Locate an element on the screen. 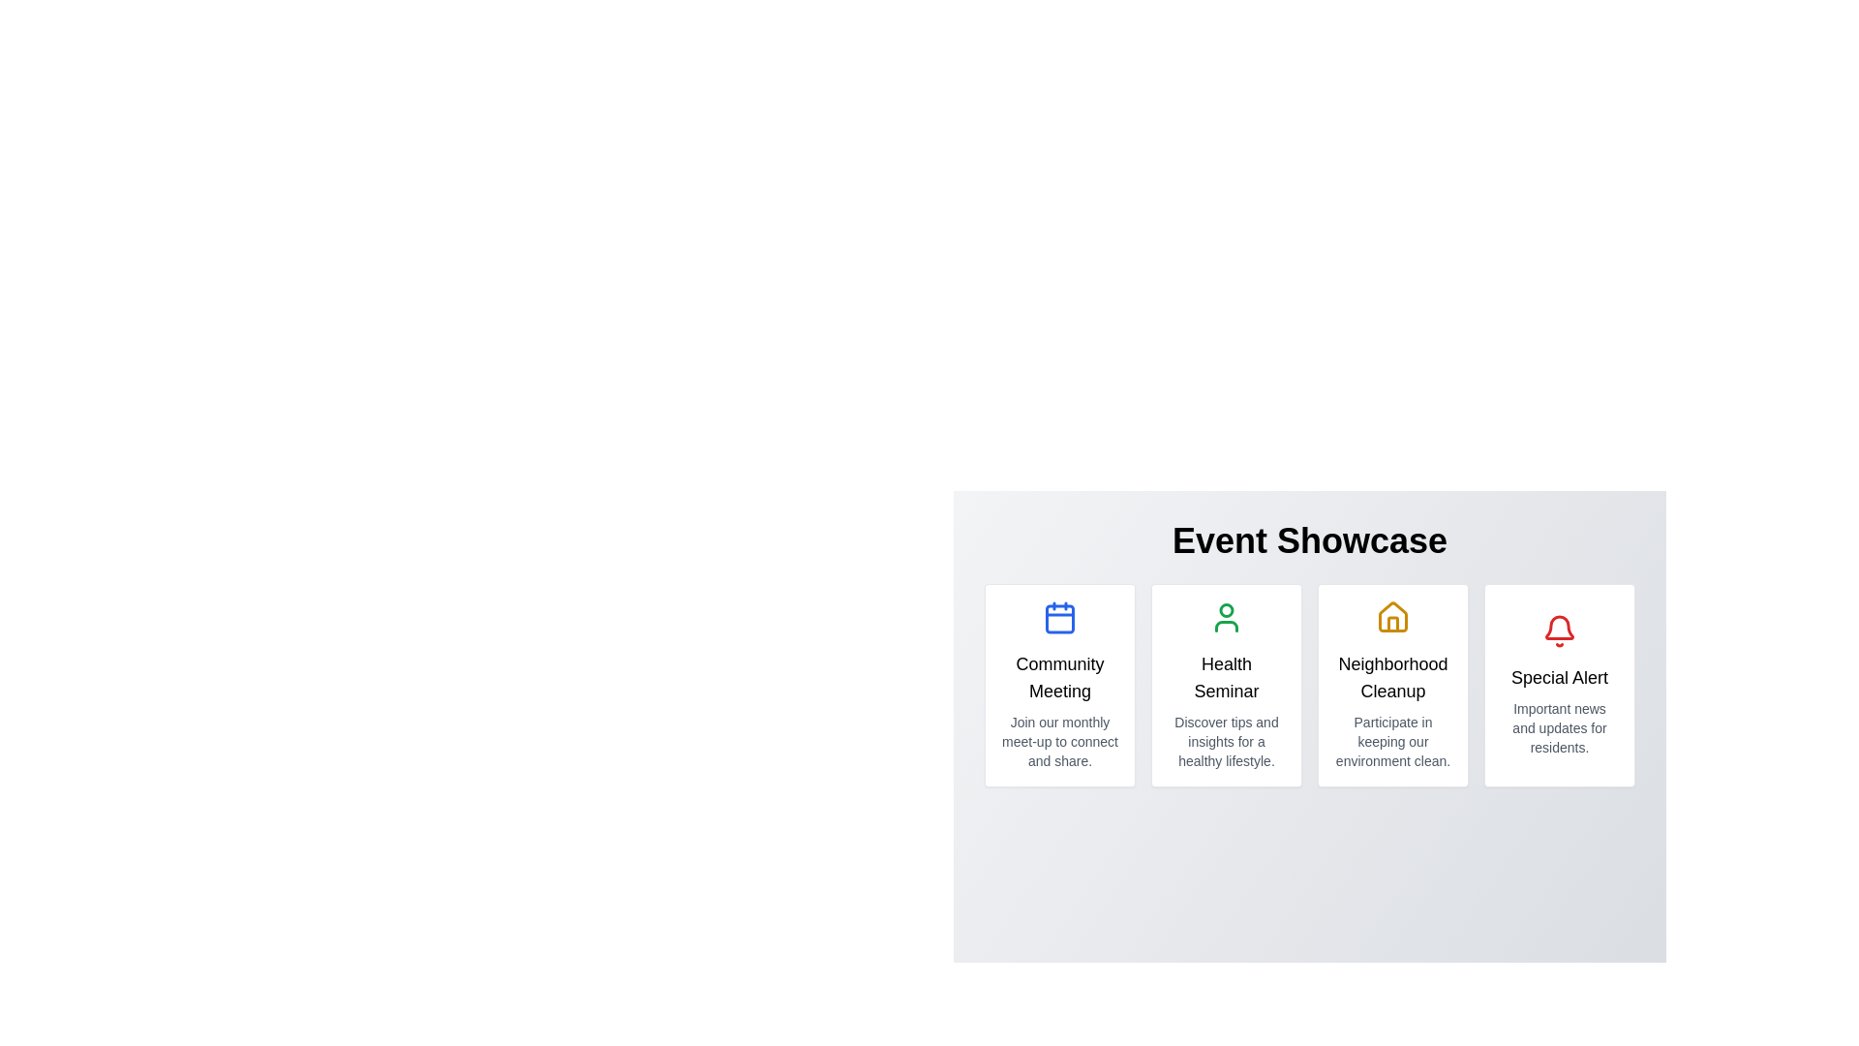 The width and height of the screenshot is (1859, 1046). the vertical rectangle with curved edges that resembles a door or passage, which is part of the yellow house icon in the 'Event Showcase' section is located at coordinates (1392, 624).